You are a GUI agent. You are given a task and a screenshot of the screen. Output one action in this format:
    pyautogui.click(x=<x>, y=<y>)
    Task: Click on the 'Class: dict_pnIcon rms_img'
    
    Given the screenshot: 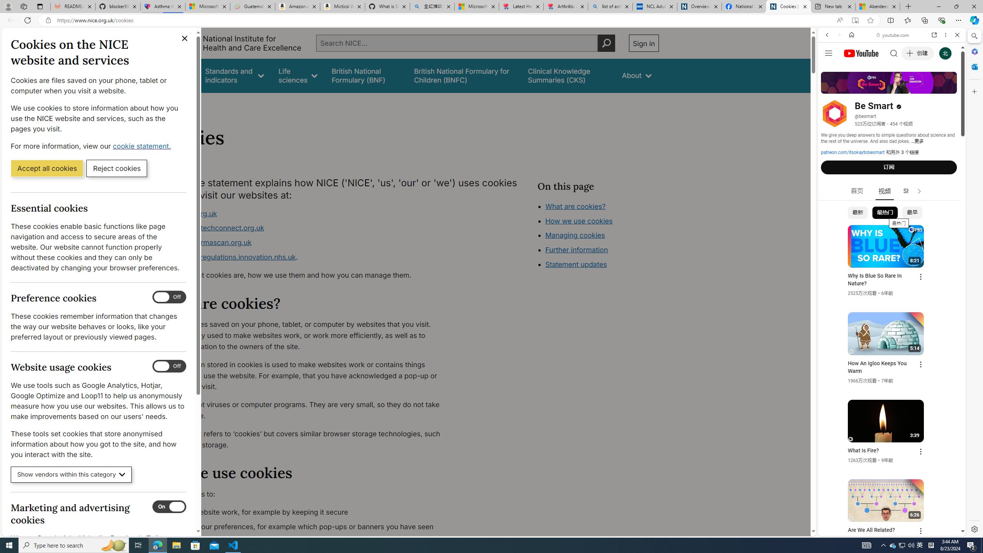 What is the action you would take?
    pyautogui.click(x=886, y=530)
    